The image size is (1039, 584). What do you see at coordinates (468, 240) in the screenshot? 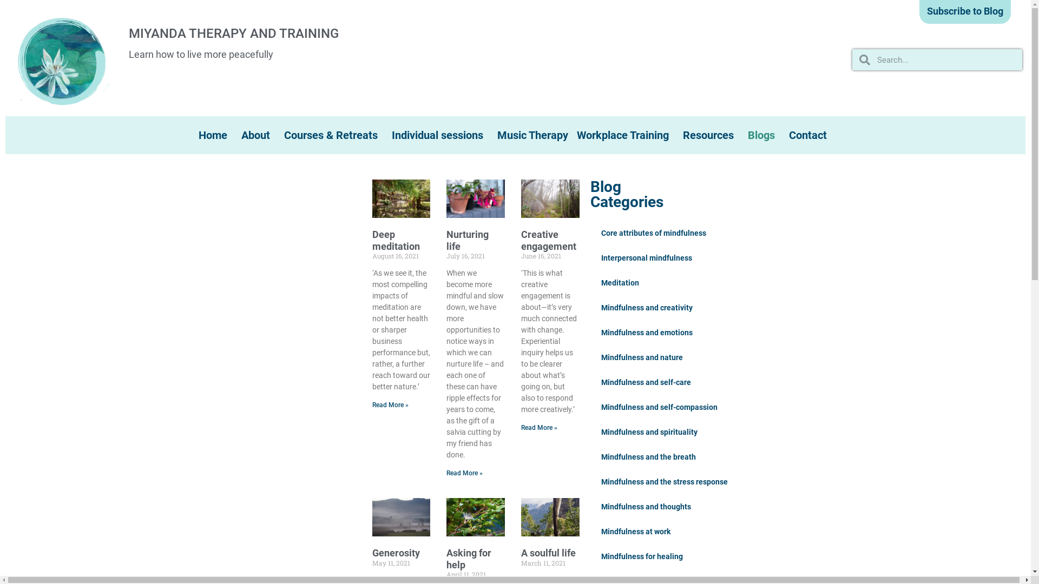
I see `'Nurturing life'` at bounding box center [468, 240].